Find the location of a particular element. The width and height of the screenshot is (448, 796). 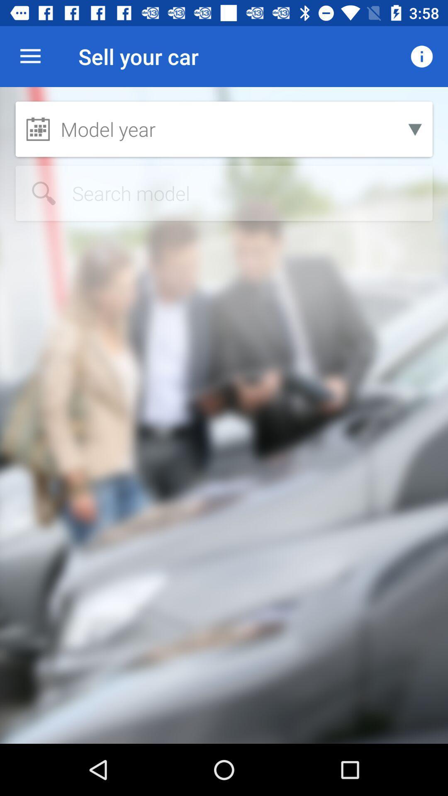

go back is located at coordinates (224, 193).